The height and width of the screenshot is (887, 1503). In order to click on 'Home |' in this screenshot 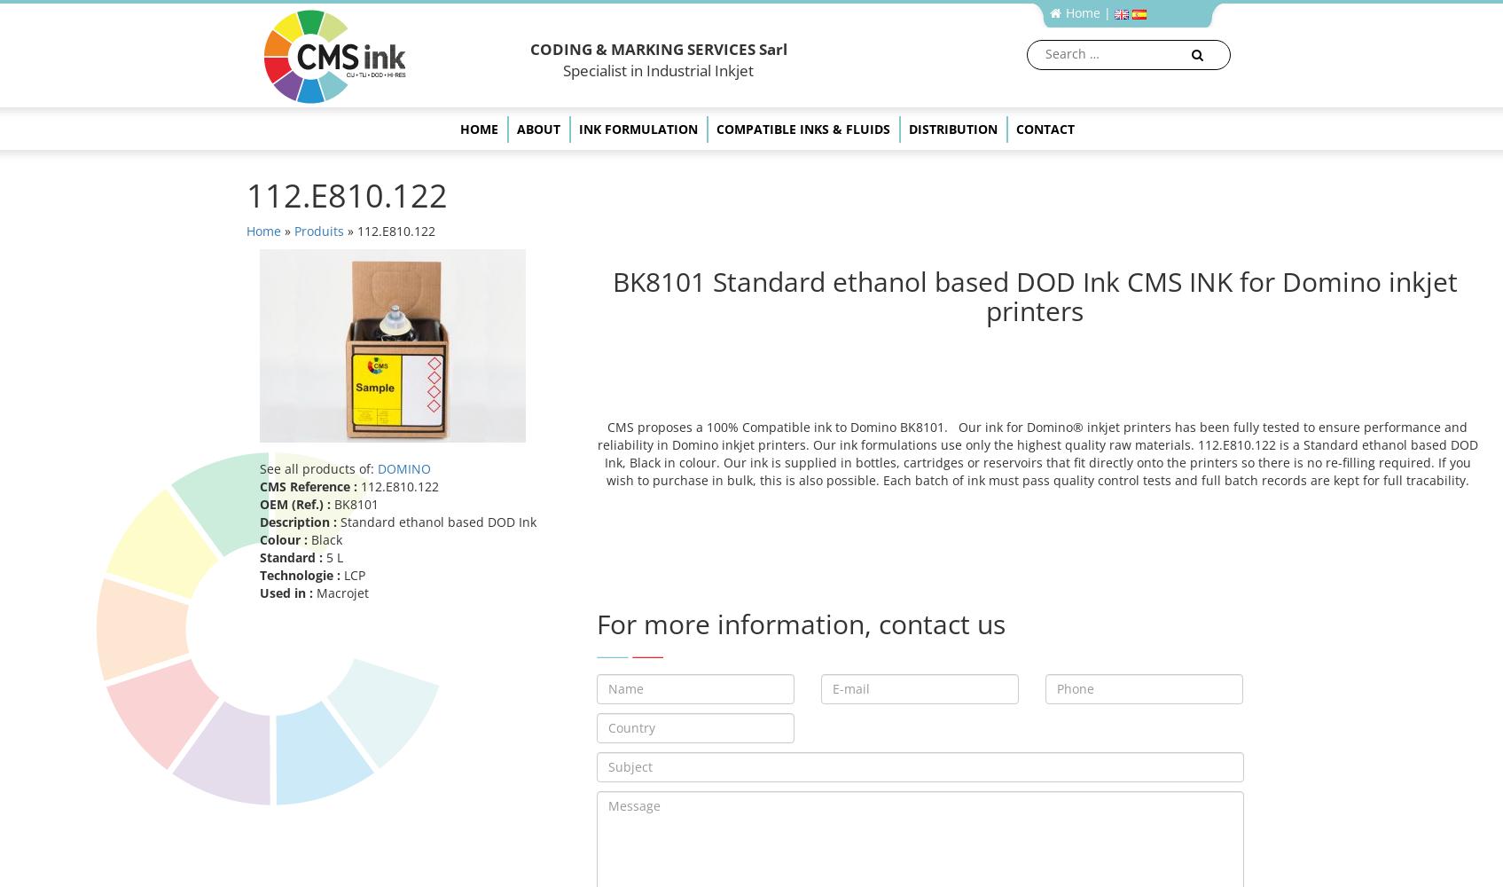, I will do `click(1087, 12)`.